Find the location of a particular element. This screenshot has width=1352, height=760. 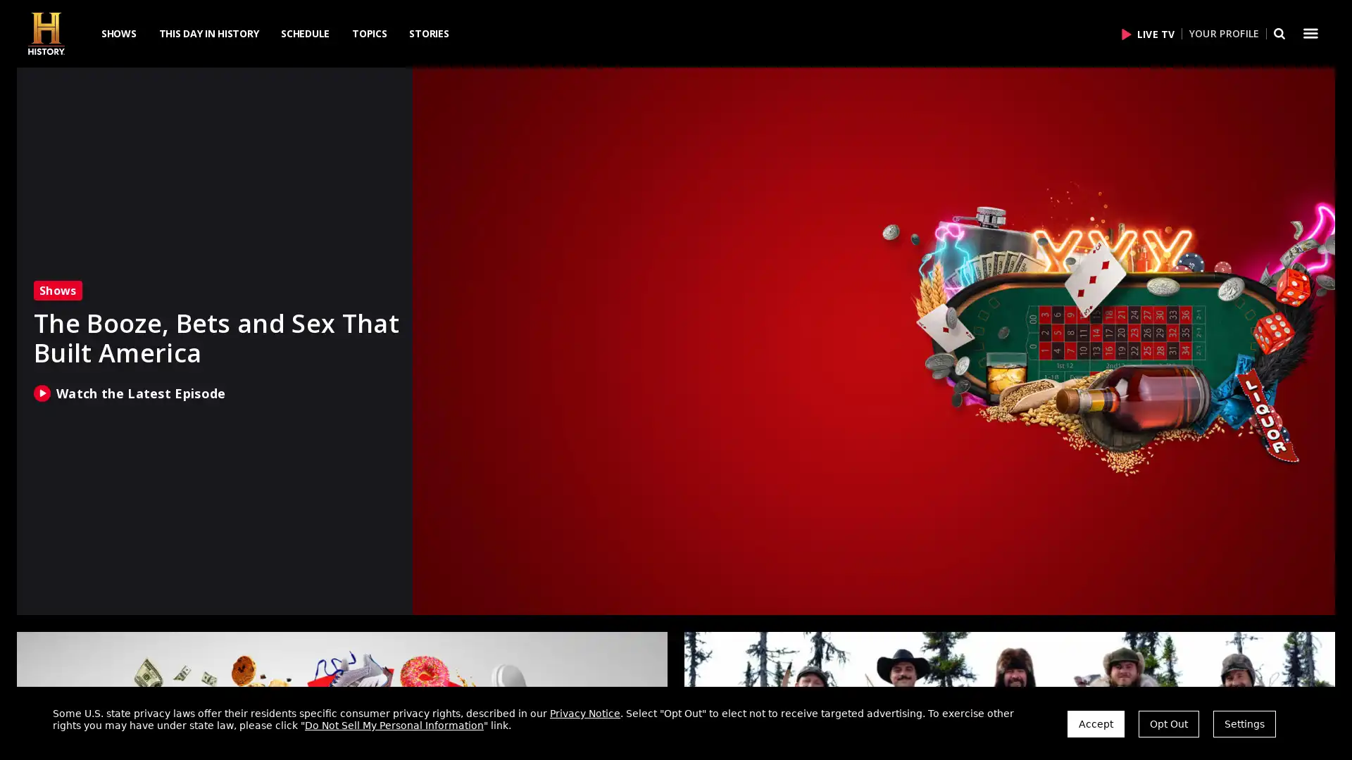

HISTORY is located at coordinates (56, 32).